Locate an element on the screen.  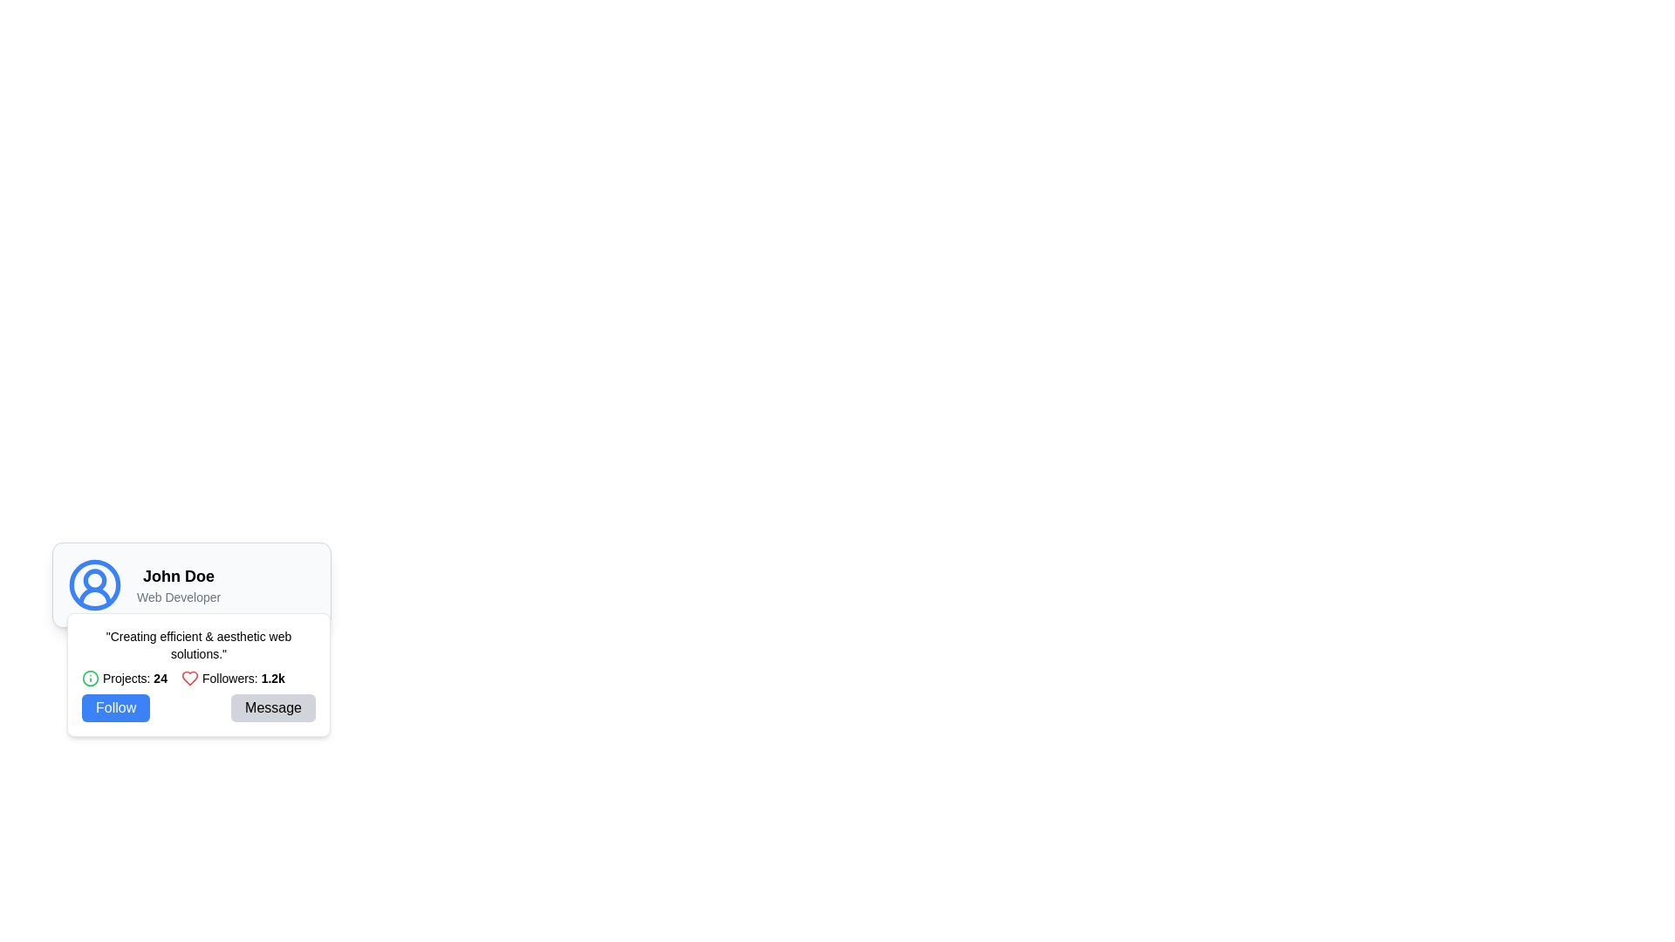
the Profile information display that shows the user's name and occupation, located at the top-left section of the bordered card interface is located at coordinates (192, 585).